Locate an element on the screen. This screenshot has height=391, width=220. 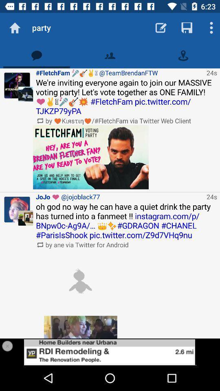
the item next to the 24s is located at coordinates (119, 196).